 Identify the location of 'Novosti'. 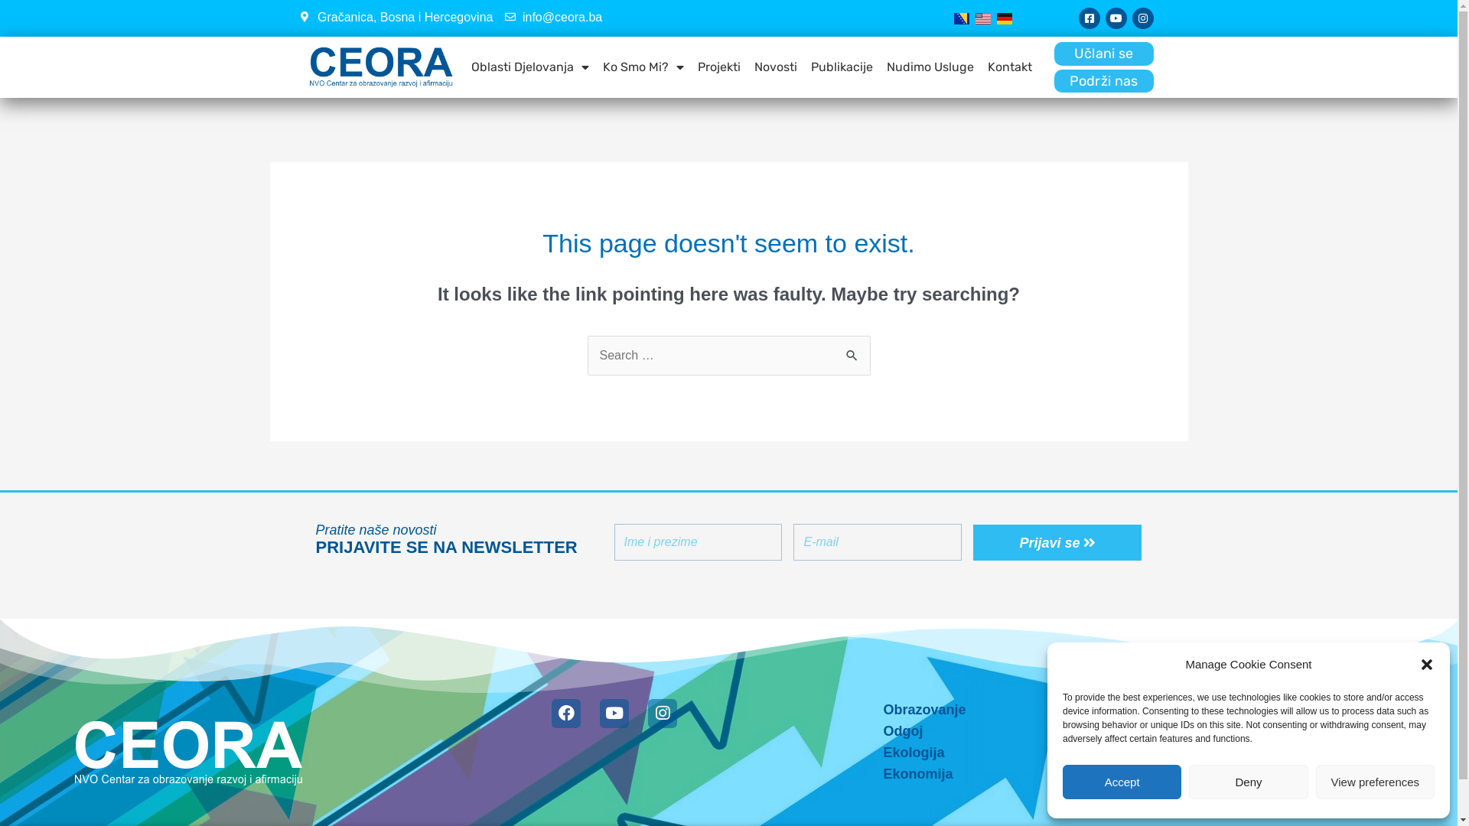
(751, 67).